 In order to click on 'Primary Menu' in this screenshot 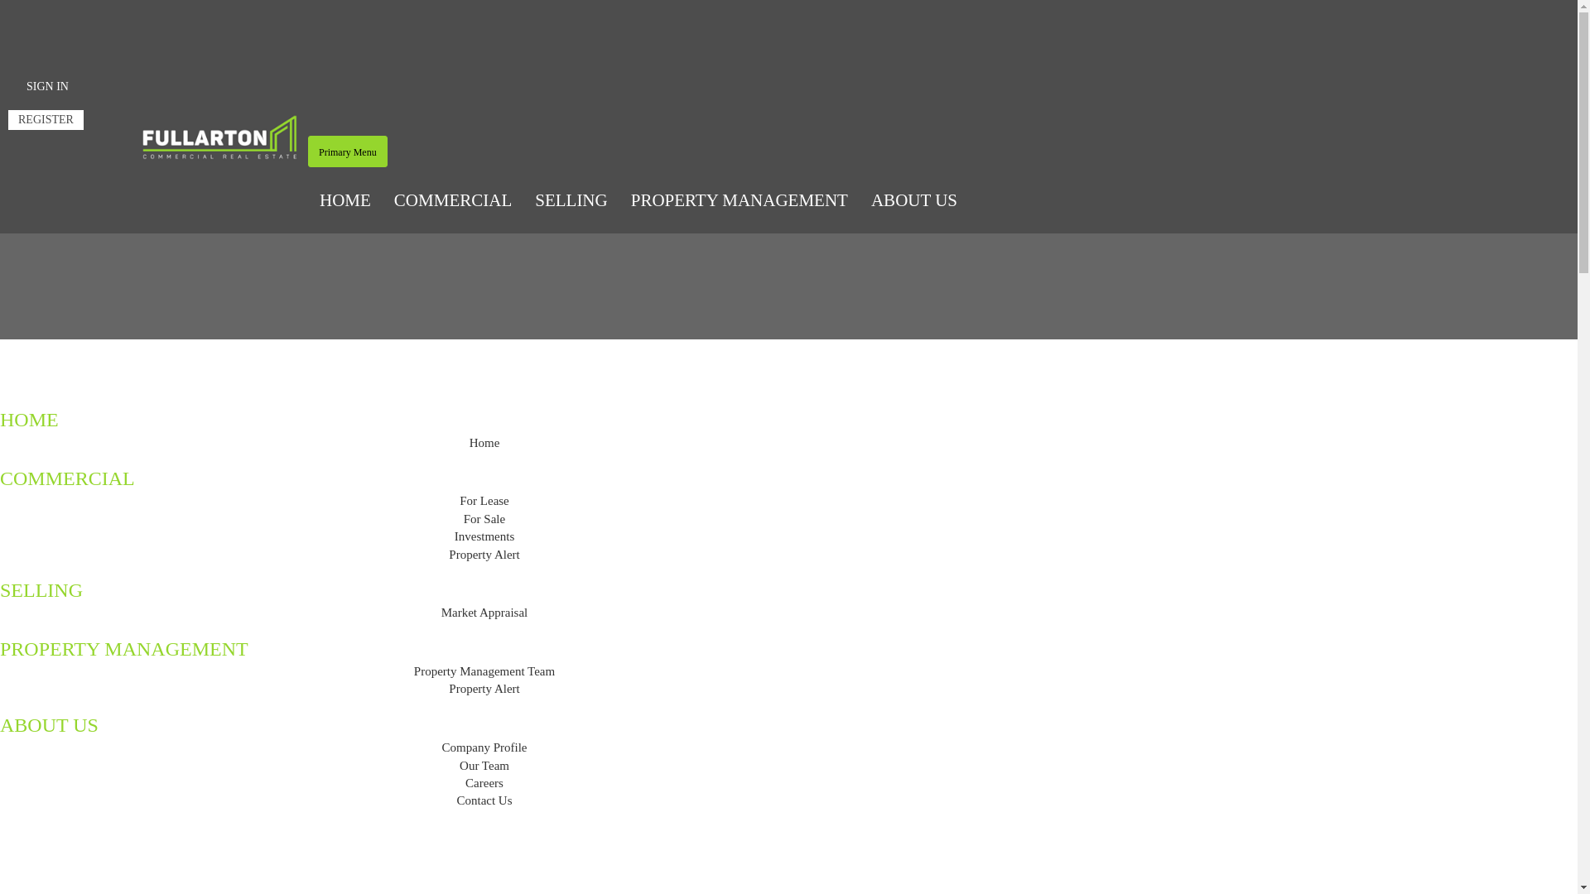, I will do `click(347, 151)`.